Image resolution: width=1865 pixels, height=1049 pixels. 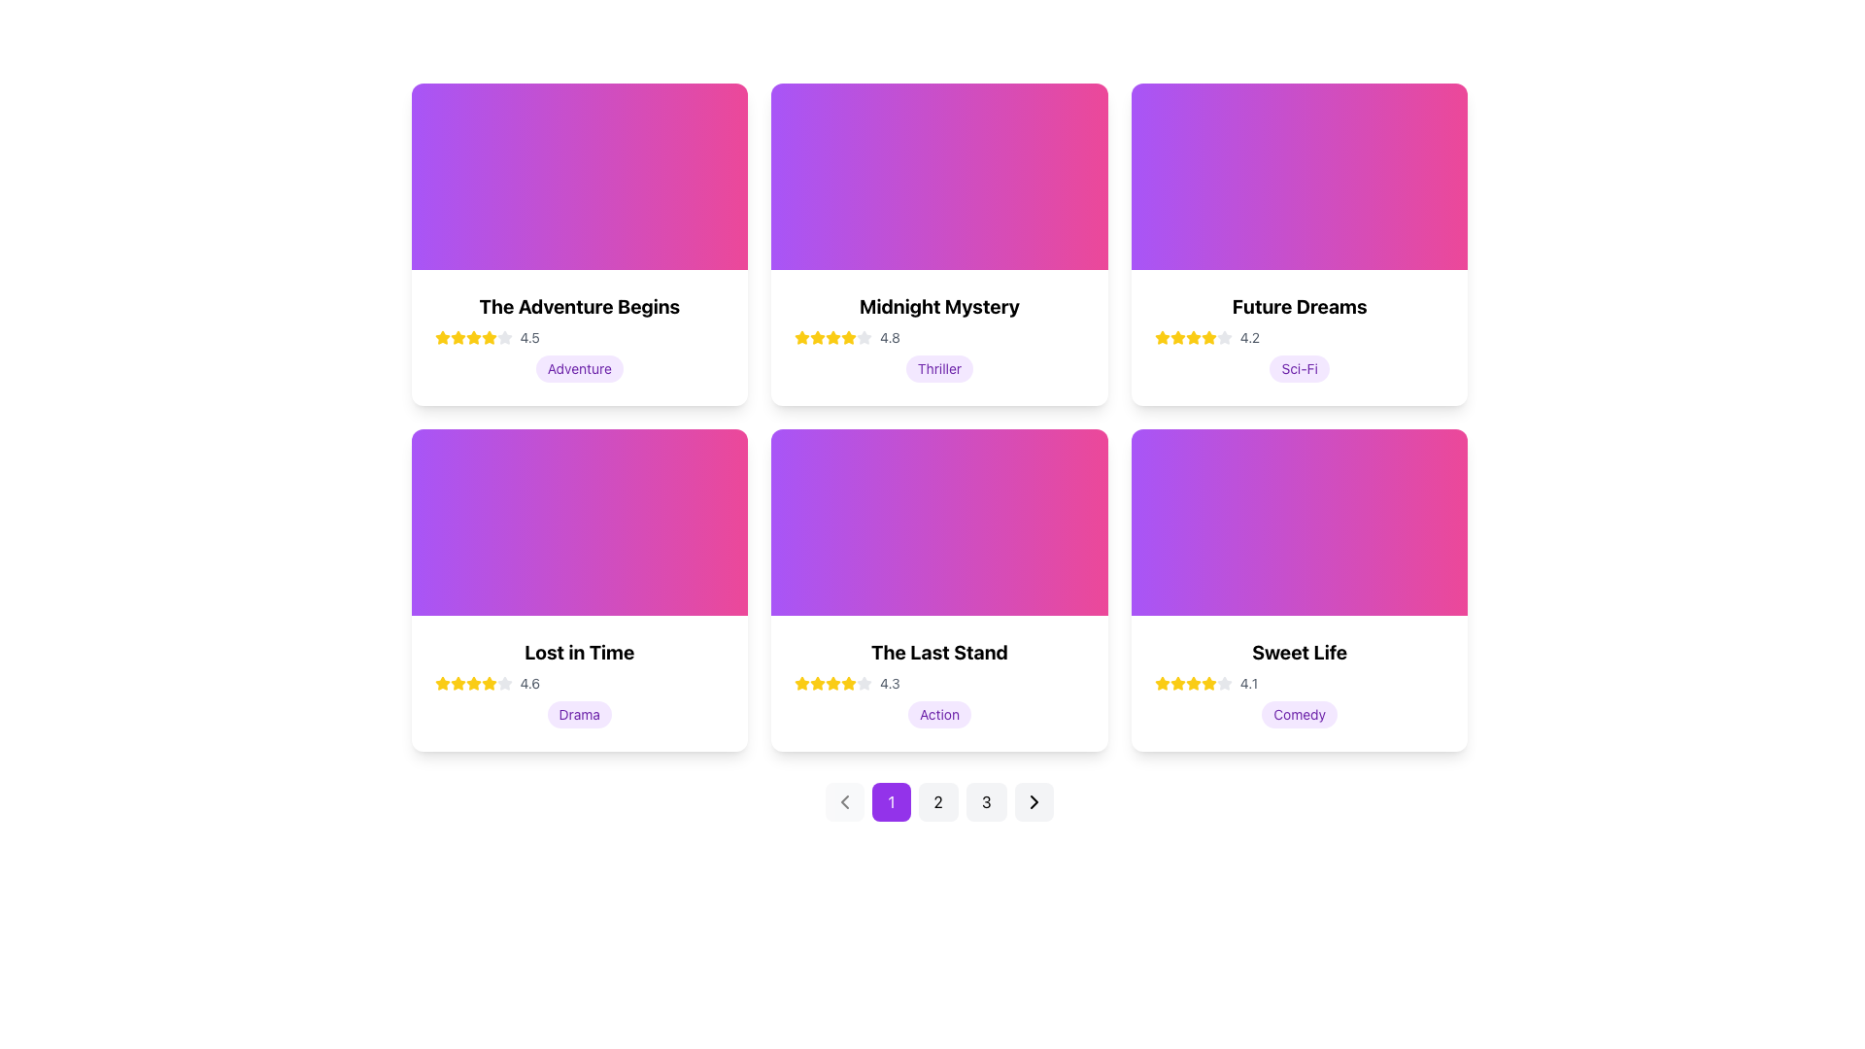 I want to click on the third star in the rating system below the card titled 'Future Dreams' to interact with the rating system, so click(x=1223, y=336).